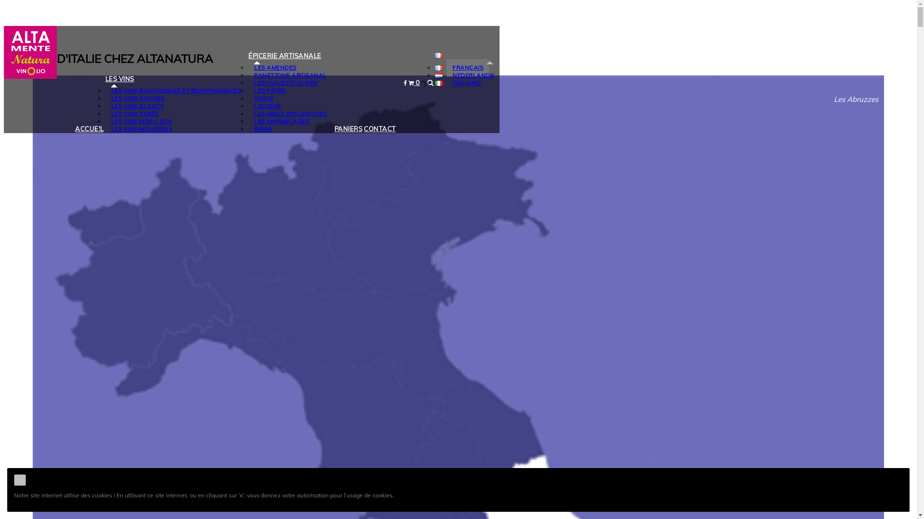 The image size is (924, 519). What do you see at coordinates (104, 78) in the screenshot?
I see `'LES VINS'` at bounding box center [104, 78].